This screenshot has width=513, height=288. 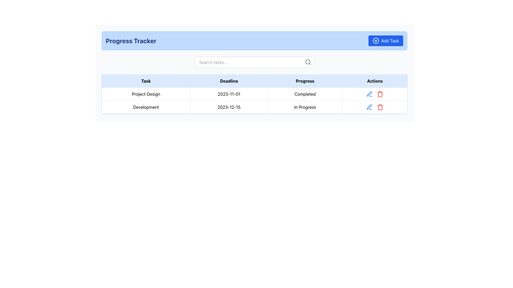 I want to click on the 'Progress' text label, which is the third column header in a table with a light blue background and centered text, so click(x=305, y=81).